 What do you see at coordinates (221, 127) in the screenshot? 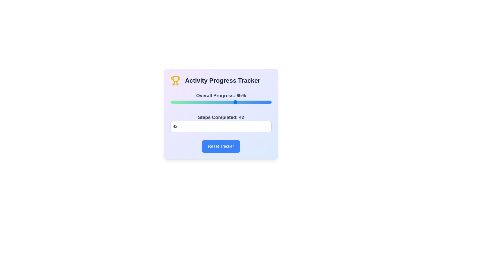
I see `the steps completed to 36 by entering the value in the input field` at bounding box center [221, 127].